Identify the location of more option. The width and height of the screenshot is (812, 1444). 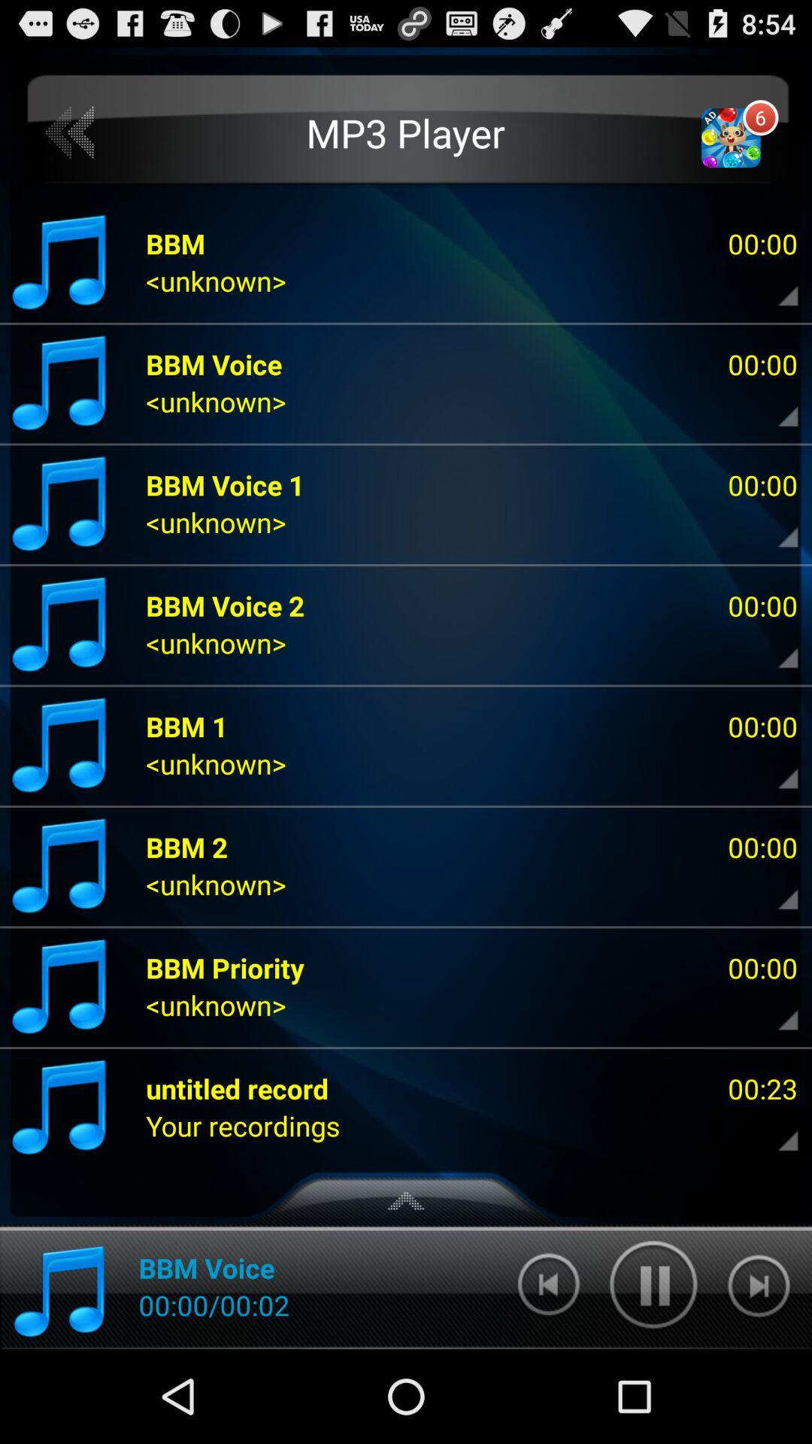
(775, 1126).